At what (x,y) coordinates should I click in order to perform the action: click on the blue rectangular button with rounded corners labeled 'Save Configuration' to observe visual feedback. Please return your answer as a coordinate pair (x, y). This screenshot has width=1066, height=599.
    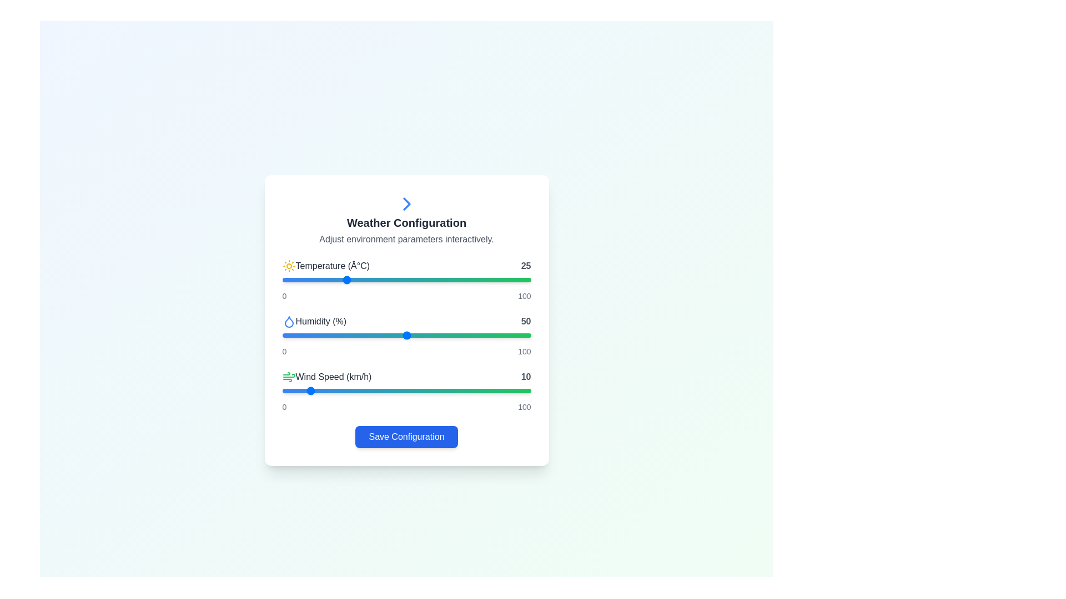
    Looking at the image, I should click on (406, 436).